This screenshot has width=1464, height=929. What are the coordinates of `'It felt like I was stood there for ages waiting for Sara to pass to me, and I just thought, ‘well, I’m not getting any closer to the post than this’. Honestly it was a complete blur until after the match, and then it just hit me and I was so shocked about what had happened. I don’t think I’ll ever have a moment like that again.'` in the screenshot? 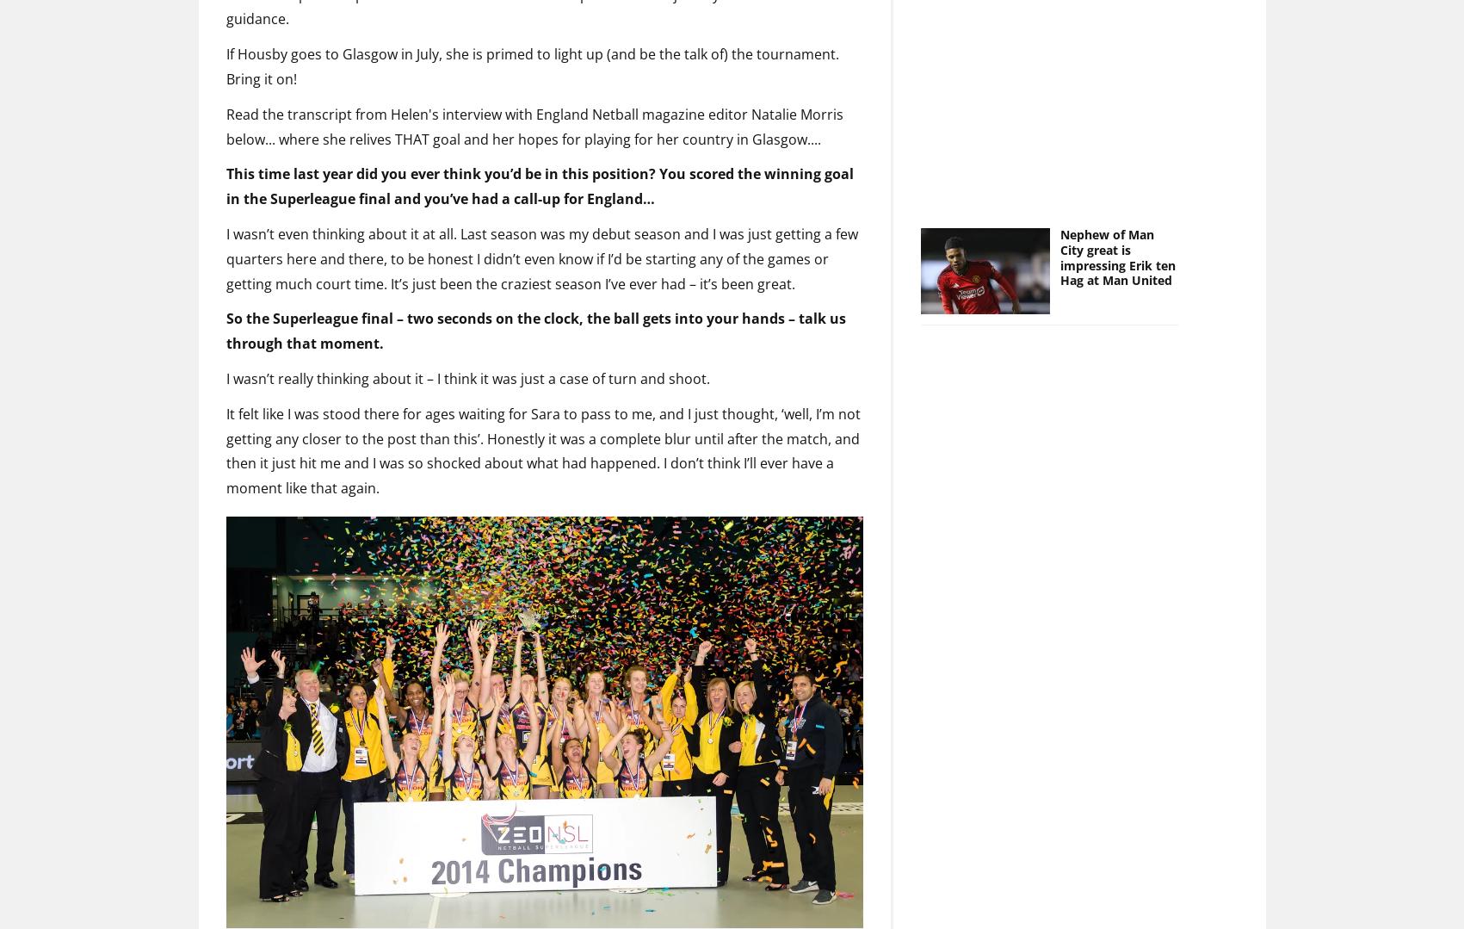 It's located at (541, 421).